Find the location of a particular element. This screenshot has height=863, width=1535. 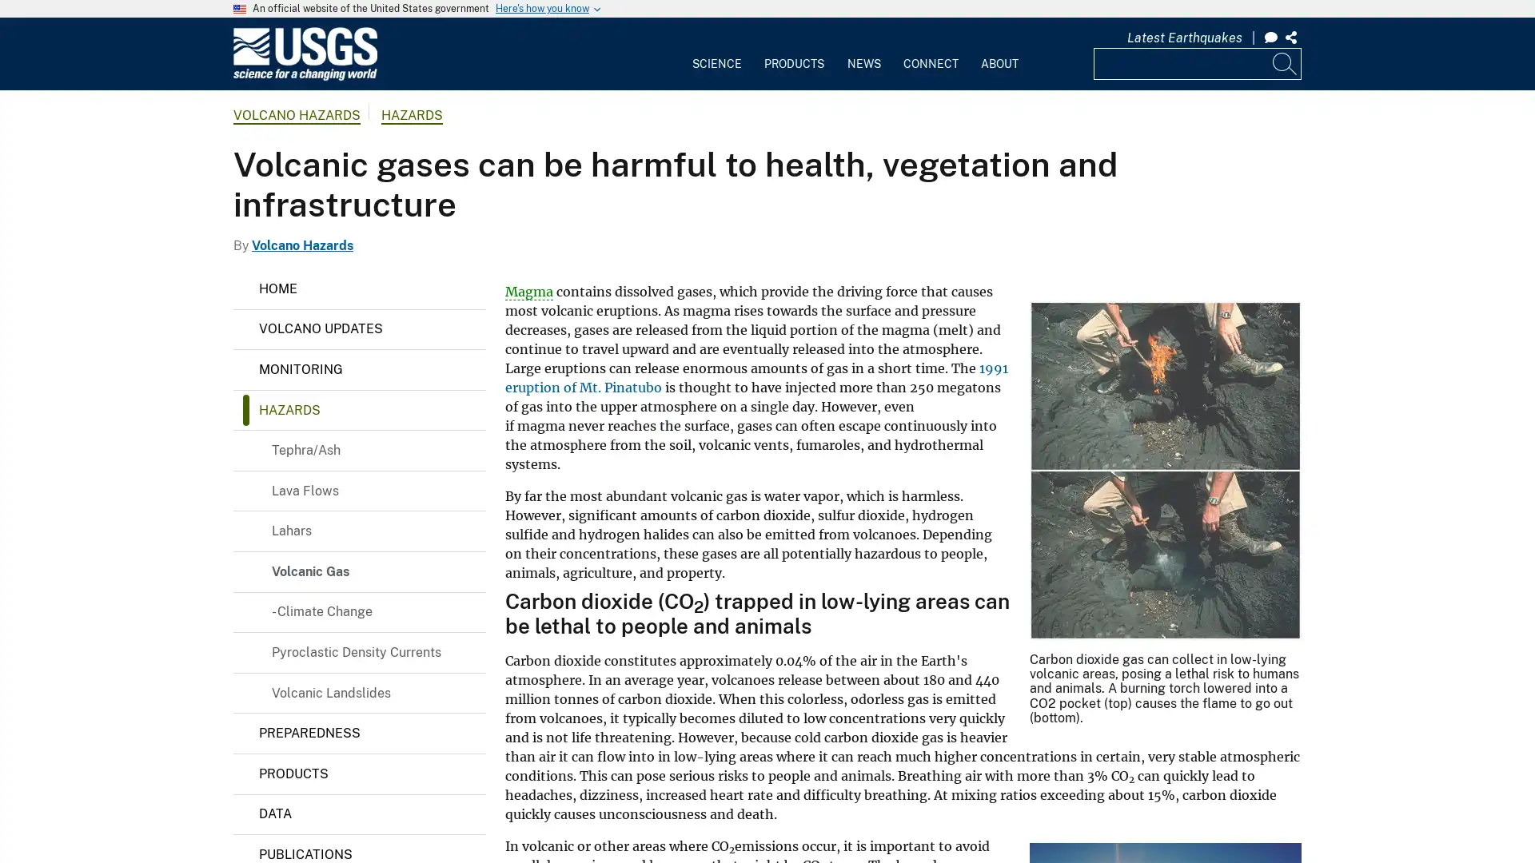

SCIENCE is located at coordinates (716, 52).